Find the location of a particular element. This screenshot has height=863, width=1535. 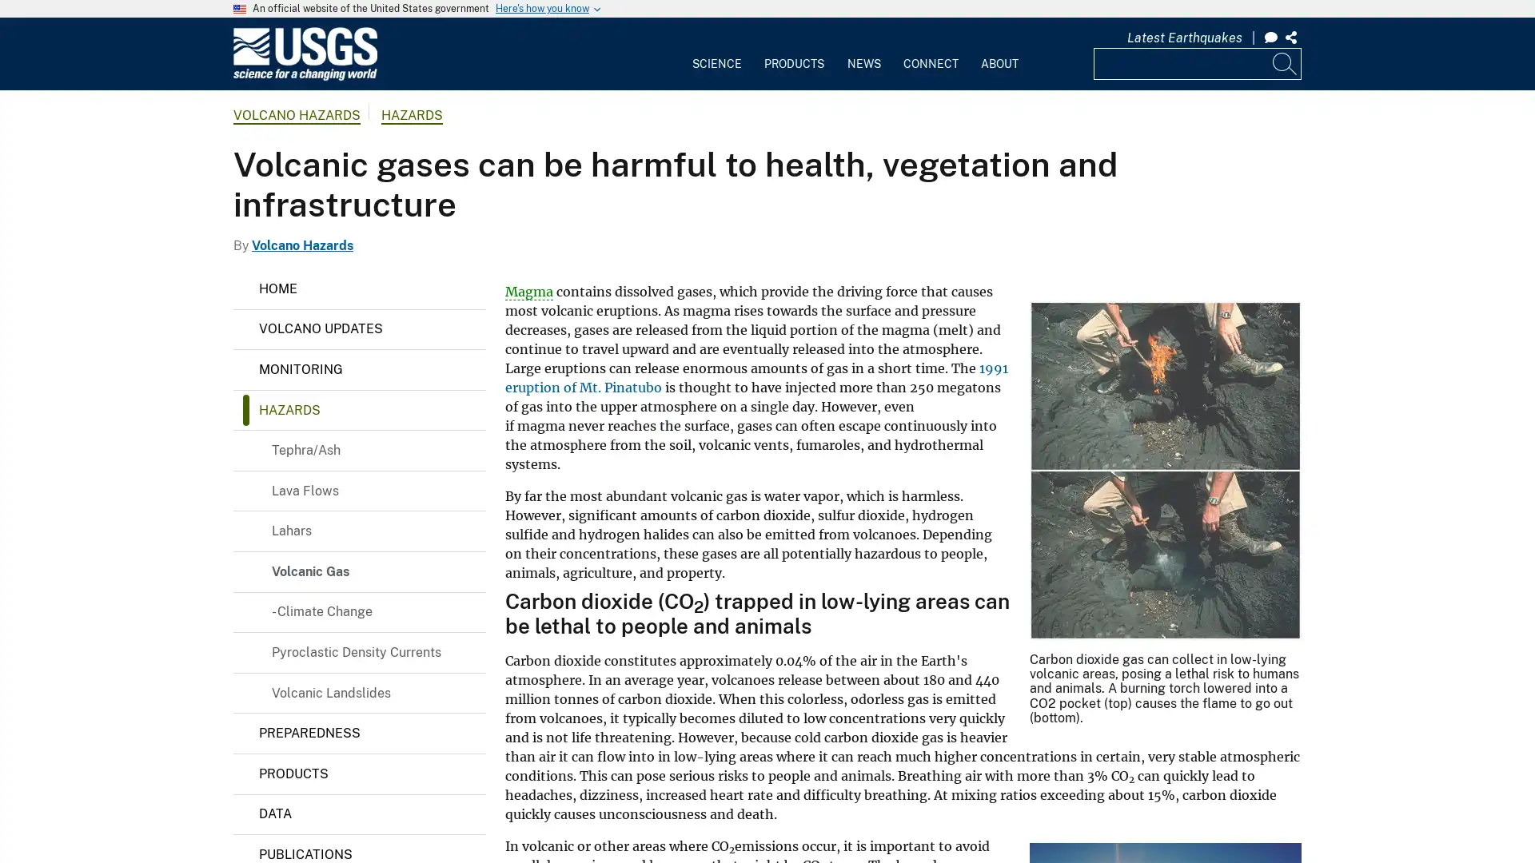

SCIENCE is located at coordinates (716, 52).